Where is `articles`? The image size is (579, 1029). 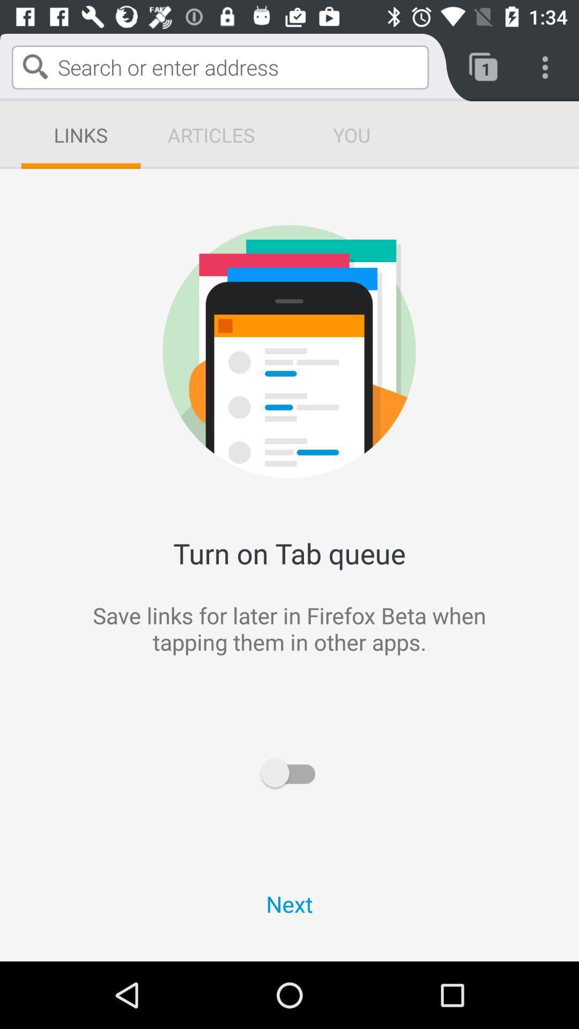
articles is located at coordinates (211, 135).